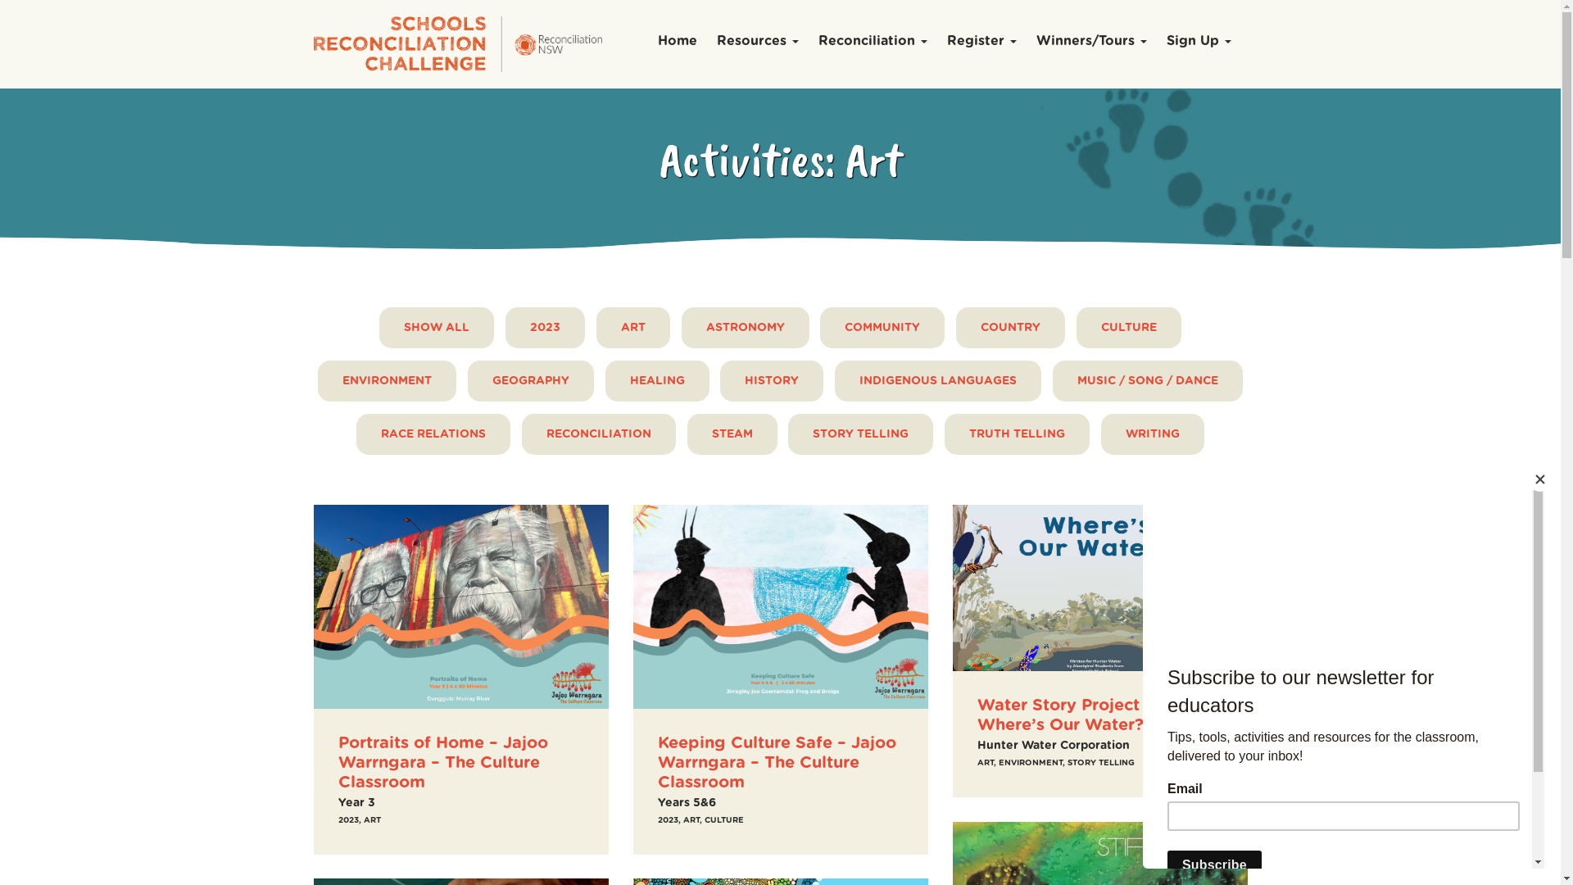  I want to click on 'SHOW ALL', so click(436, 328).